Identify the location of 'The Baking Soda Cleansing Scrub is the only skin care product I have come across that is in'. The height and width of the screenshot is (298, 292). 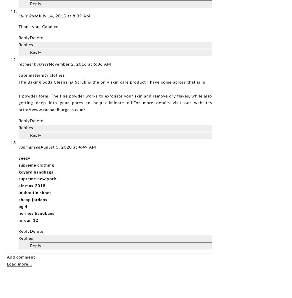
(112, 82).